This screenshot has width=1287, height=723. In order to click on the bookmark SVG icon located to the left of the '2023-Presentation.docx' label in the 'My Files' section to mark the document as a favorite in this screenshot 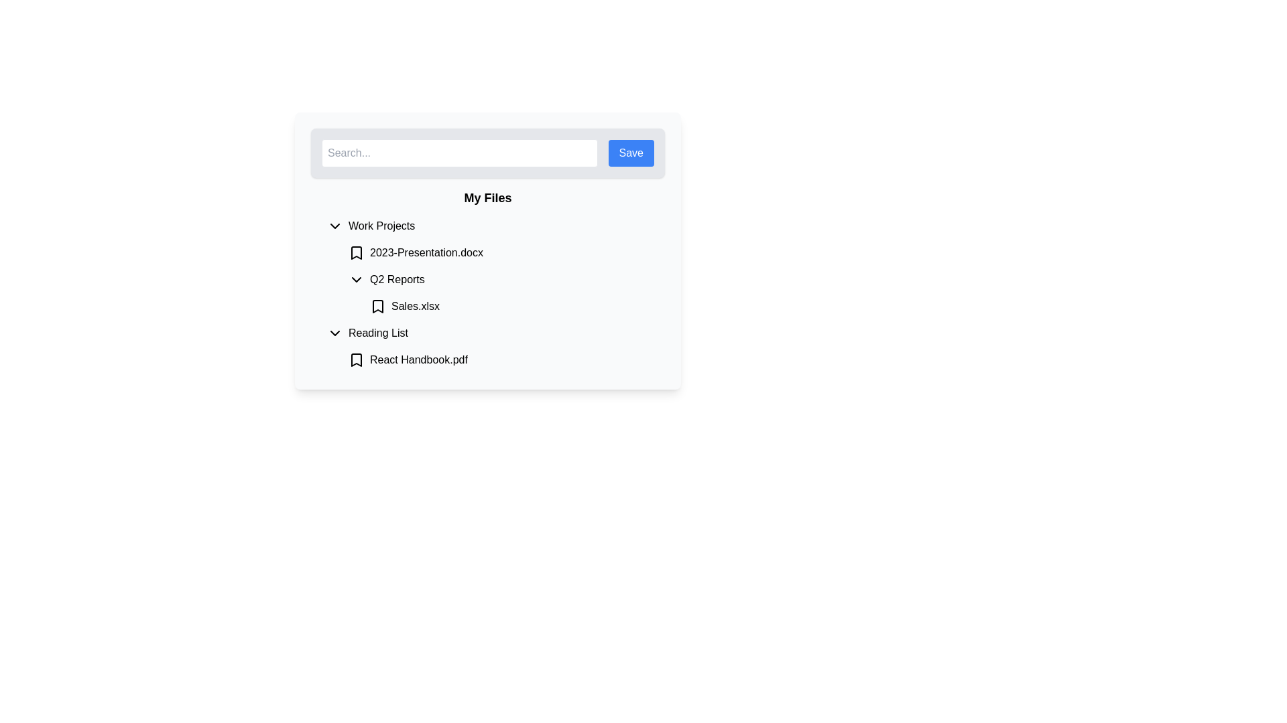, I will do `click(357, 253)`.